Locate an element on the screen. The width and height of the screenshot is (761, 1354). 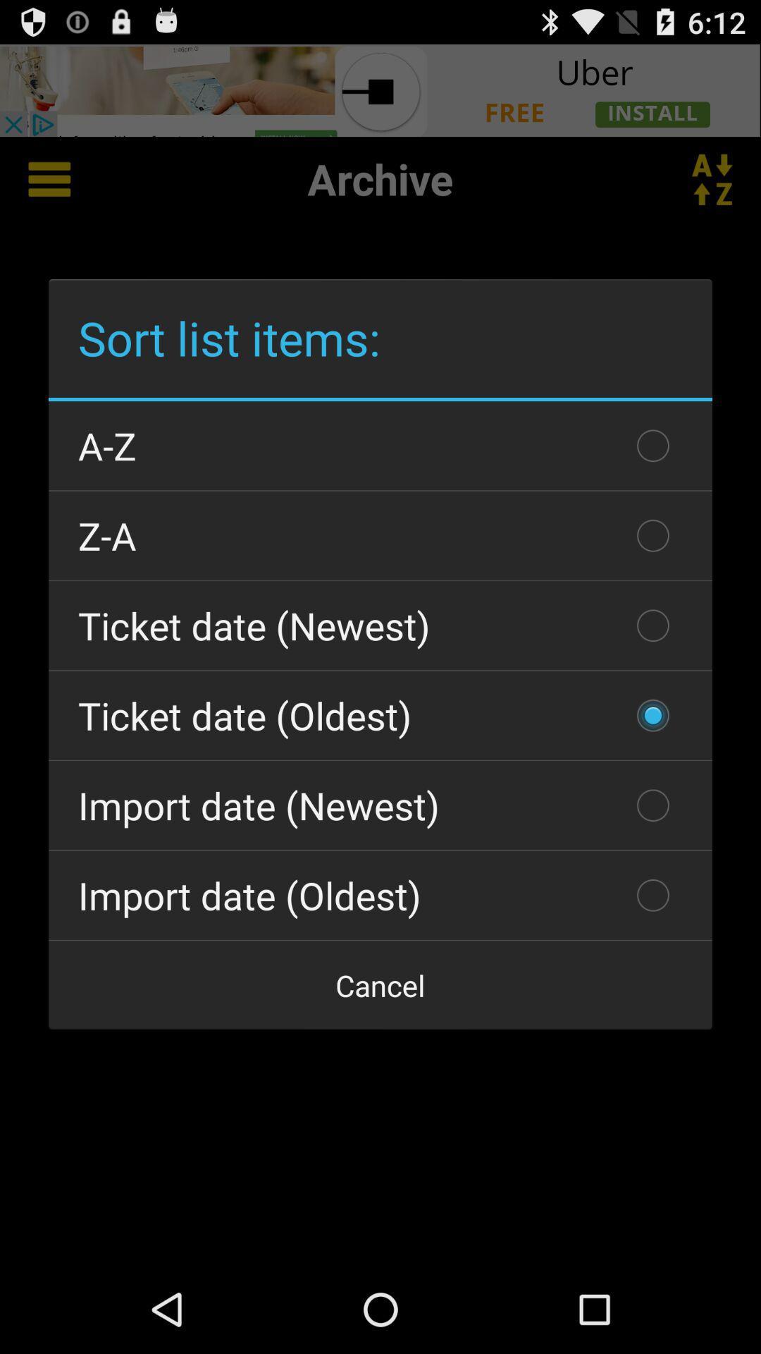
item at the bottom is located at coordinates (380, 984).